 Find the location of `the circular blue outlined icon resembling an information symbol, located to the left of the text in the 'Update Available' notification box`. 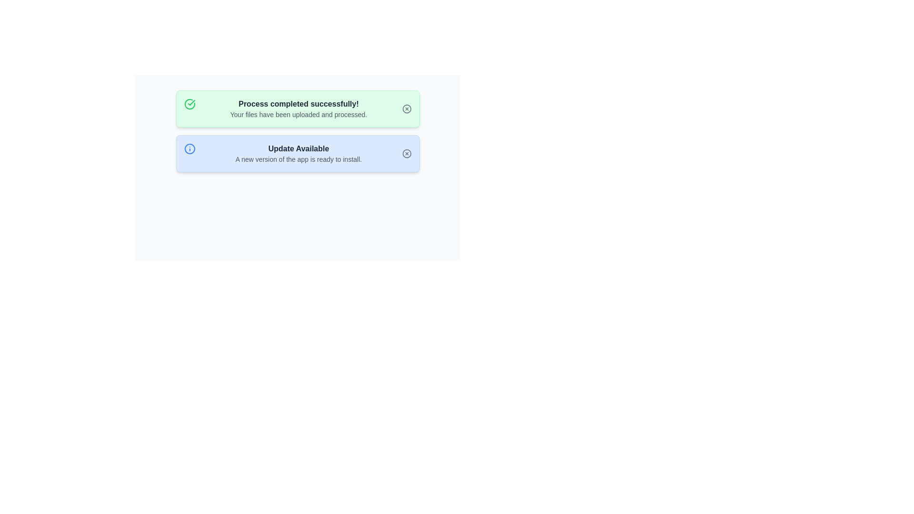

the circular blue outlined icon resembling an information symbol, located to the left of the text in the 'Update Available' notification box is located at coordinates (189, 148).